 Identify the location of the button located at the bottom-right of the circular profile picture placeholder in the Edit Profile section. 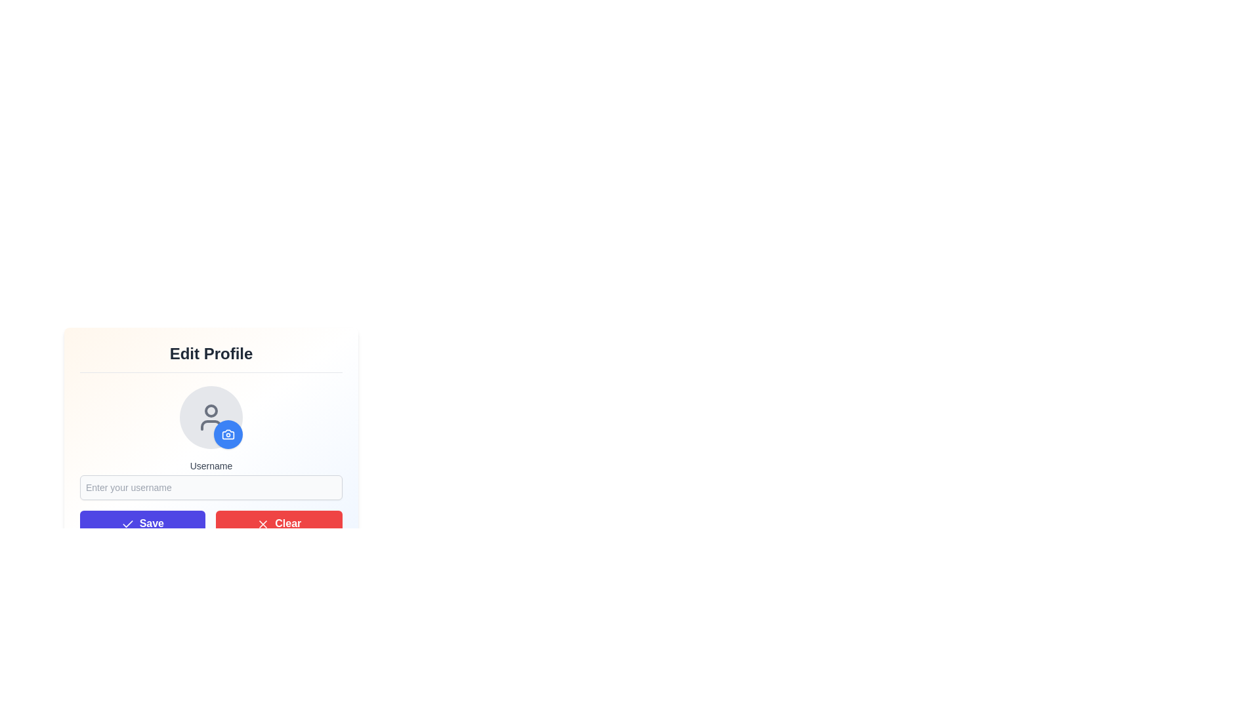
(228, 435).